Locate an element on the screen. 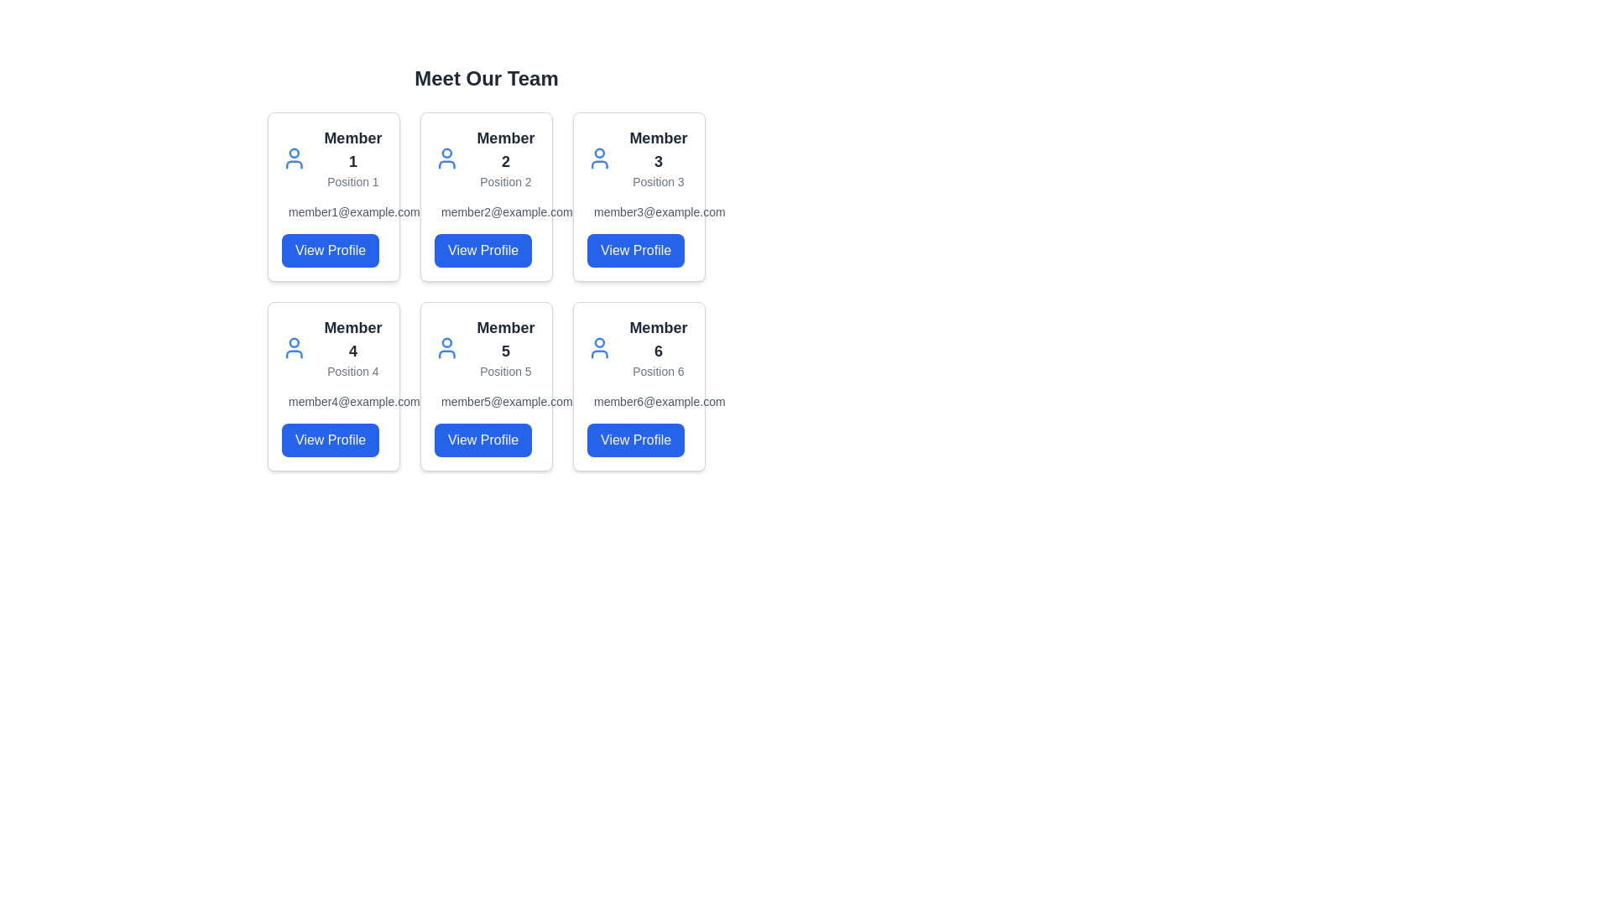  the Text Label that provides the name and title of a team member, located in the third card of the top row under the 'Meet Our Team' heading is located at coordinates (657, 159).